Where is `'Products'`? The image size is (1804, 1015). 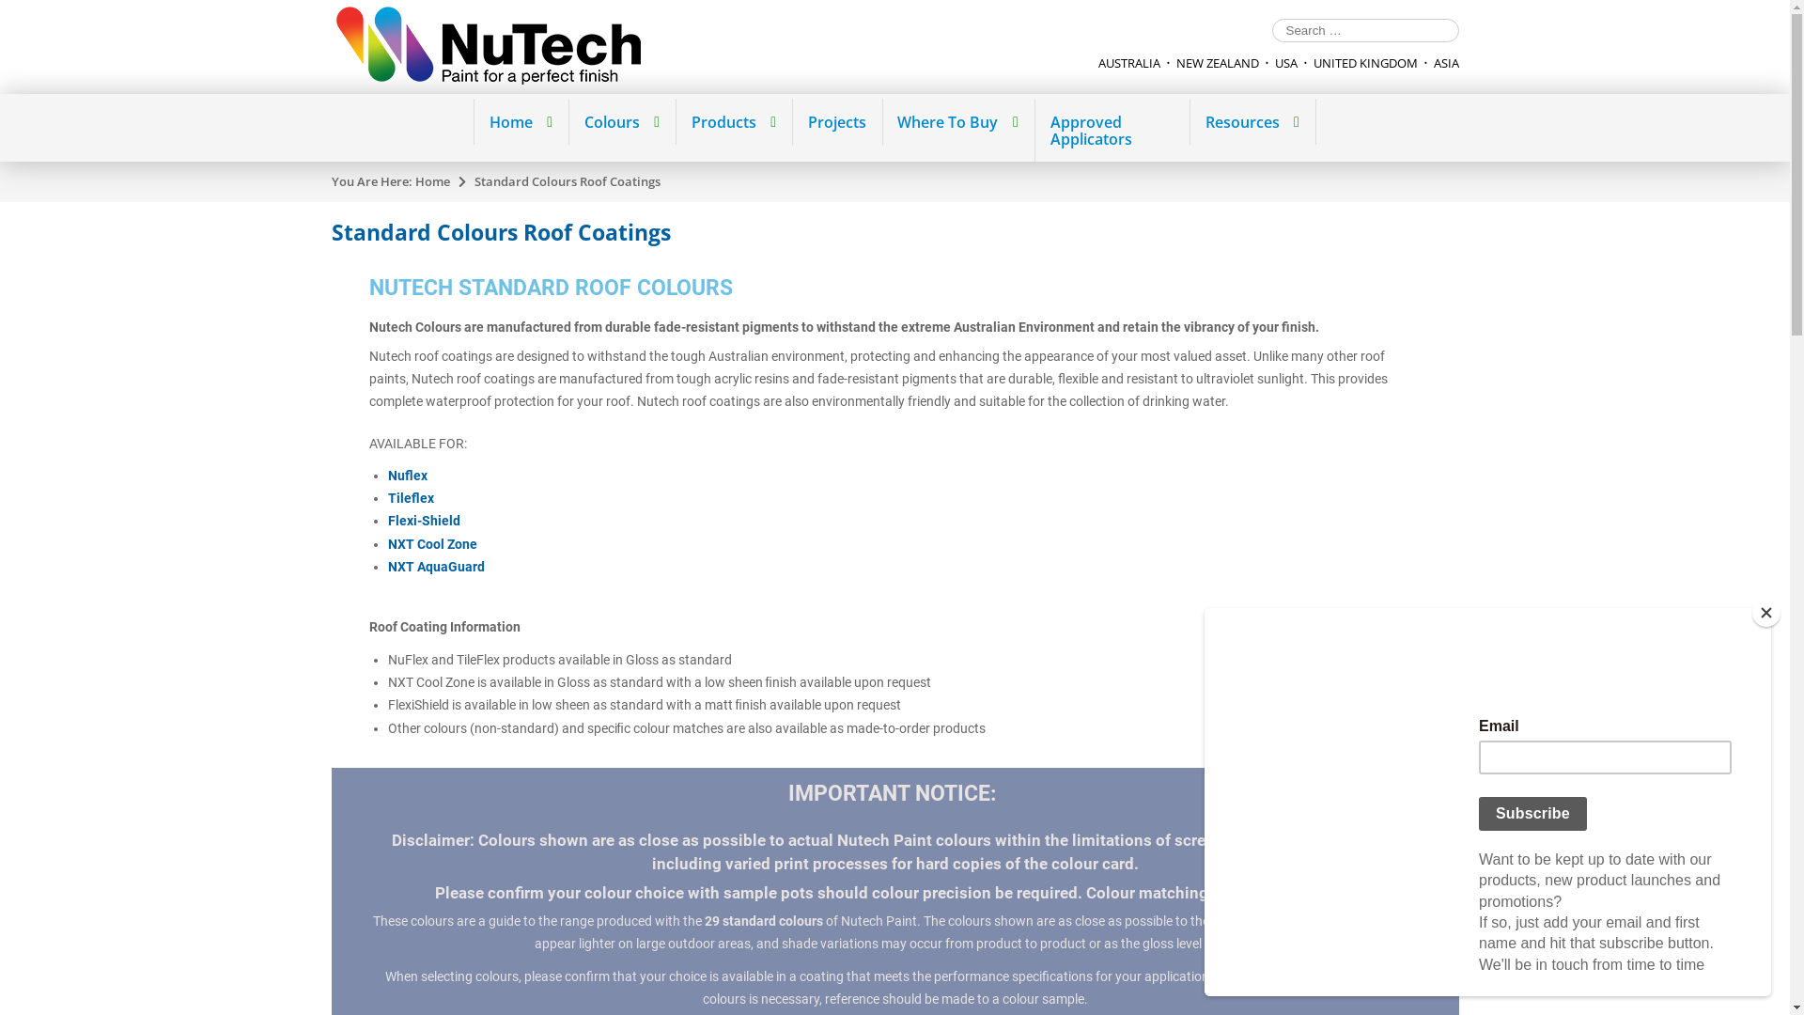 'Products' is located at coordinates (732, 121).